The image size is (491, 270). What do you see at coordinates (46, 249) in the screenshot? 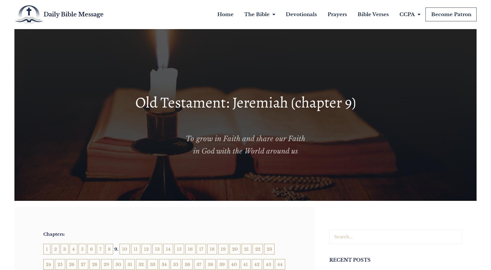
I see `'1'` at bounding box center [46, 249].